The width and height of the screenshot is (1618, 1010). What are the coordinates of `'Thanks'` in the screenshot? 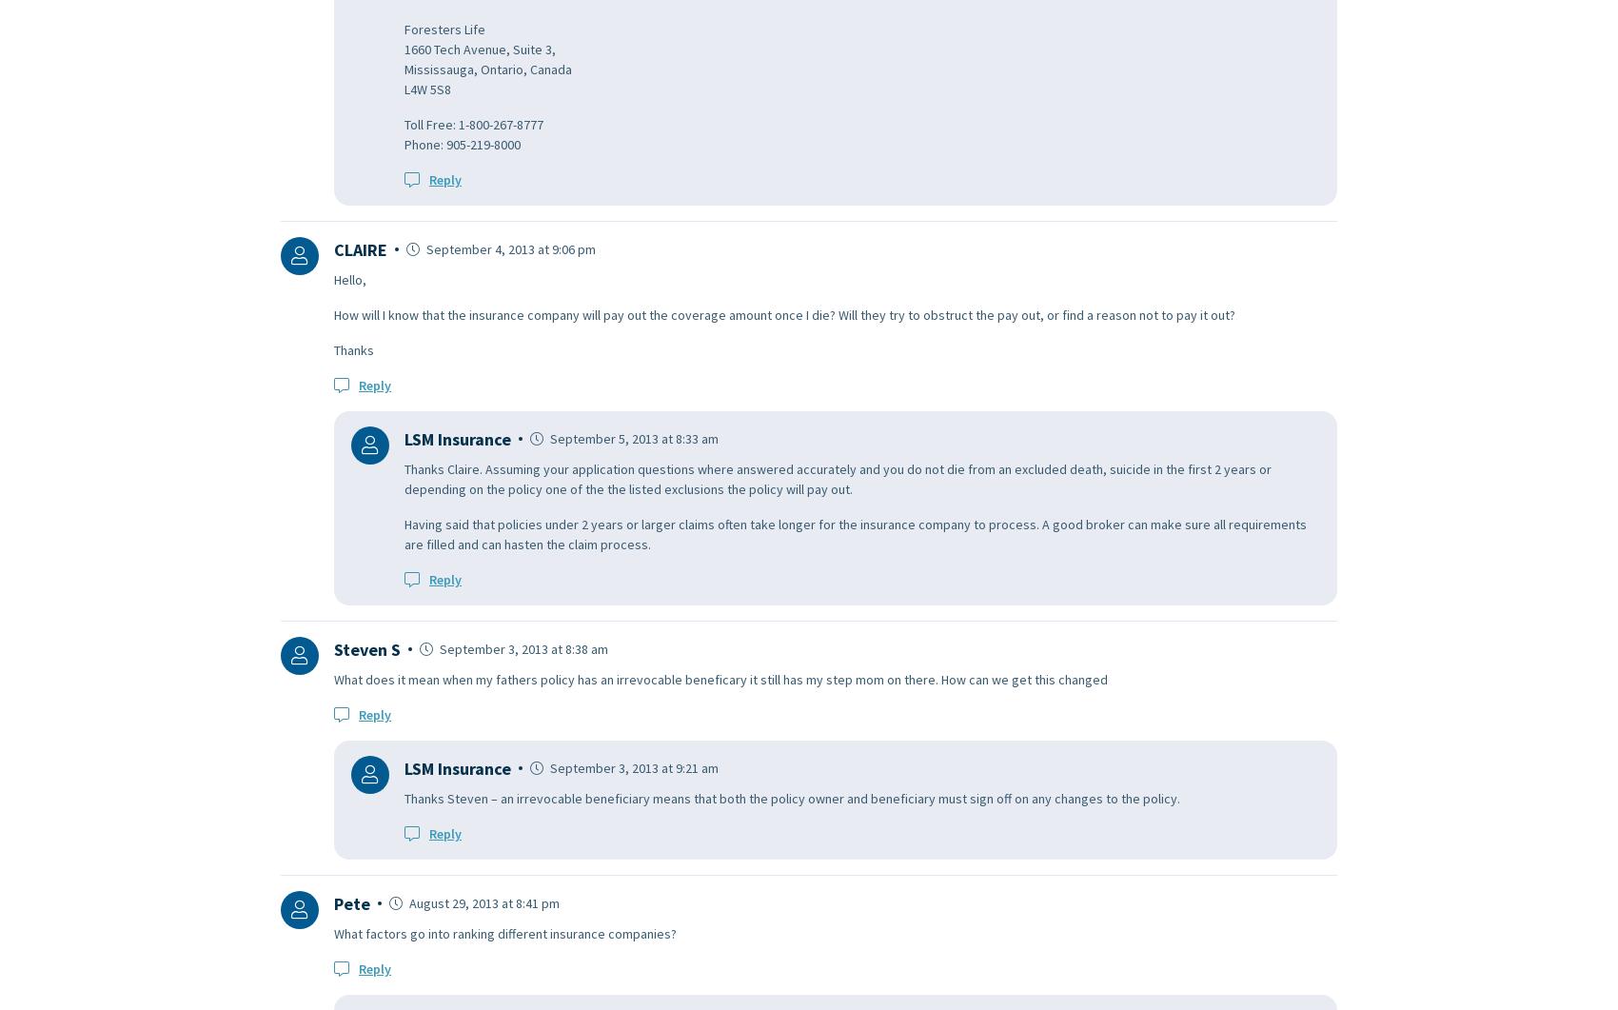 It's located at (333, 348).